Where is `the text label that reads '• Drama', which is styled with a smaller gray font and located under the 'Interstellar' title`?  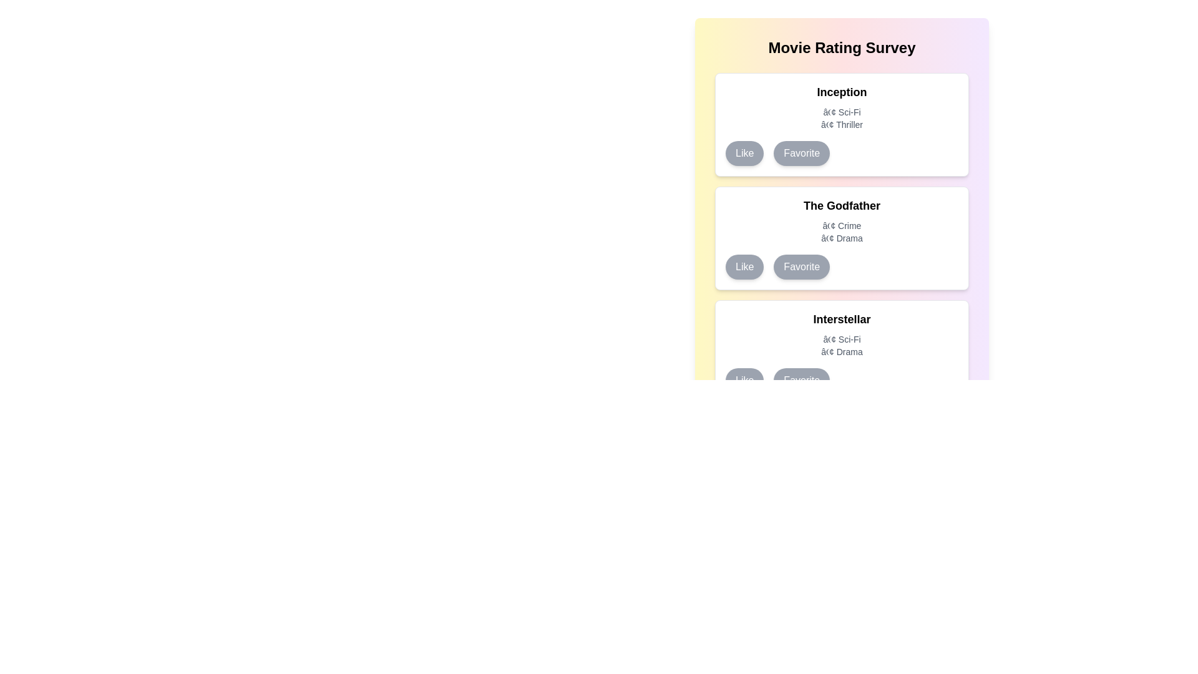 the text label that reads '• Drama', which is styled with a smaller gray font and located under the 'Interstellar' title is located at coordinates (842, 351).